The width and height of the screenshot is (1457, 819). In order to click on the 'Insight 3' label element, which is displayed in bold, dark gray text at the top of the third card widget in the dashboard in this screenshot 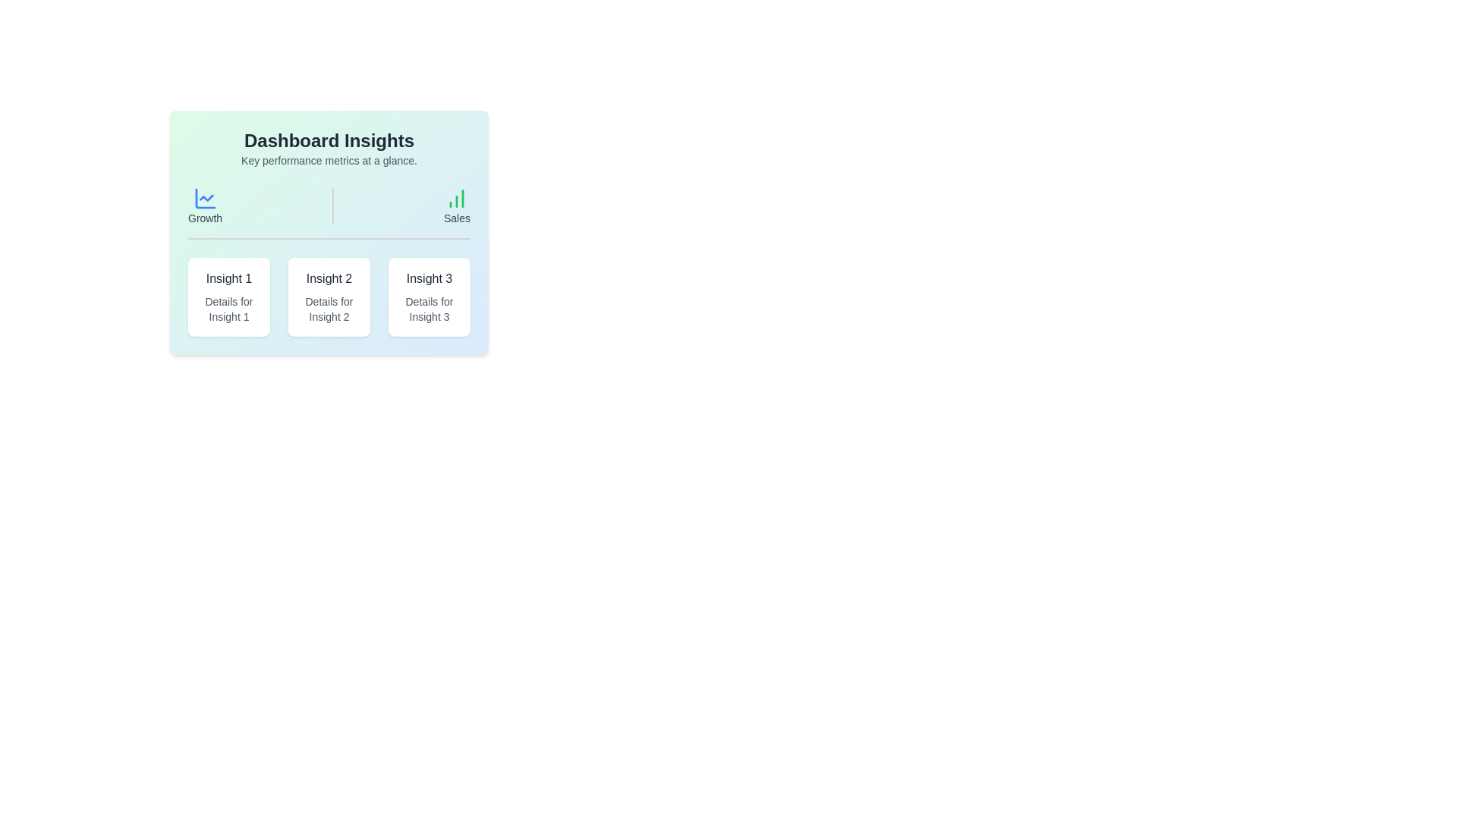, I will do `click(429, 278)`.